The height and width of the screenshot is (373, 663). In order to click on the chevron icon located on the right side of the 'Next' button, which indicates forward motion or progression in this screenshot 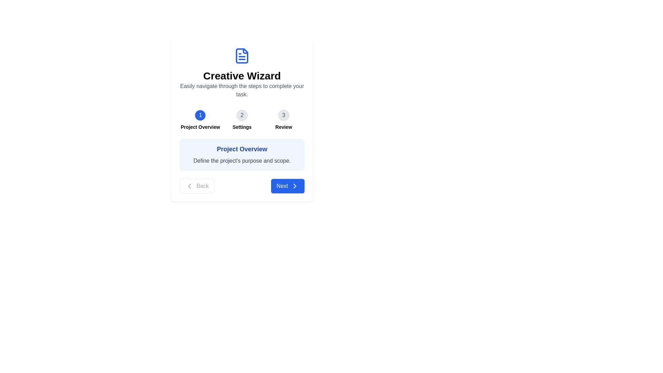, I will do `click(295, 186)`.